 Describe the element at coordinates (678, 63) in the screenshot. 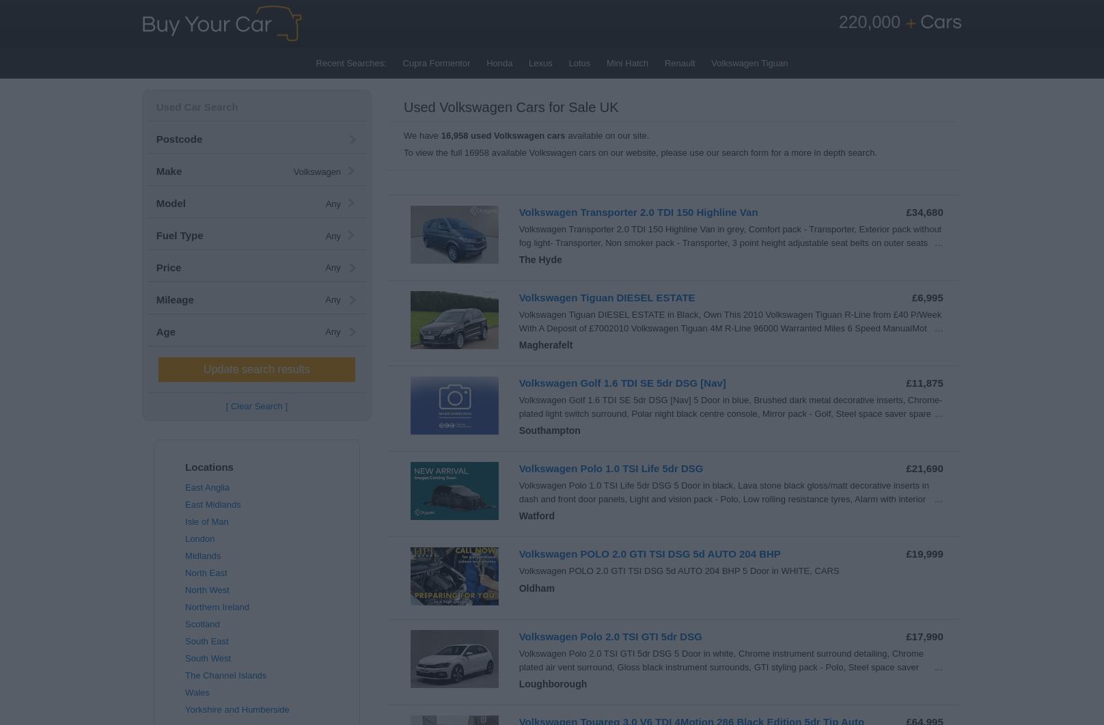

I see `'Renault'` at that location.